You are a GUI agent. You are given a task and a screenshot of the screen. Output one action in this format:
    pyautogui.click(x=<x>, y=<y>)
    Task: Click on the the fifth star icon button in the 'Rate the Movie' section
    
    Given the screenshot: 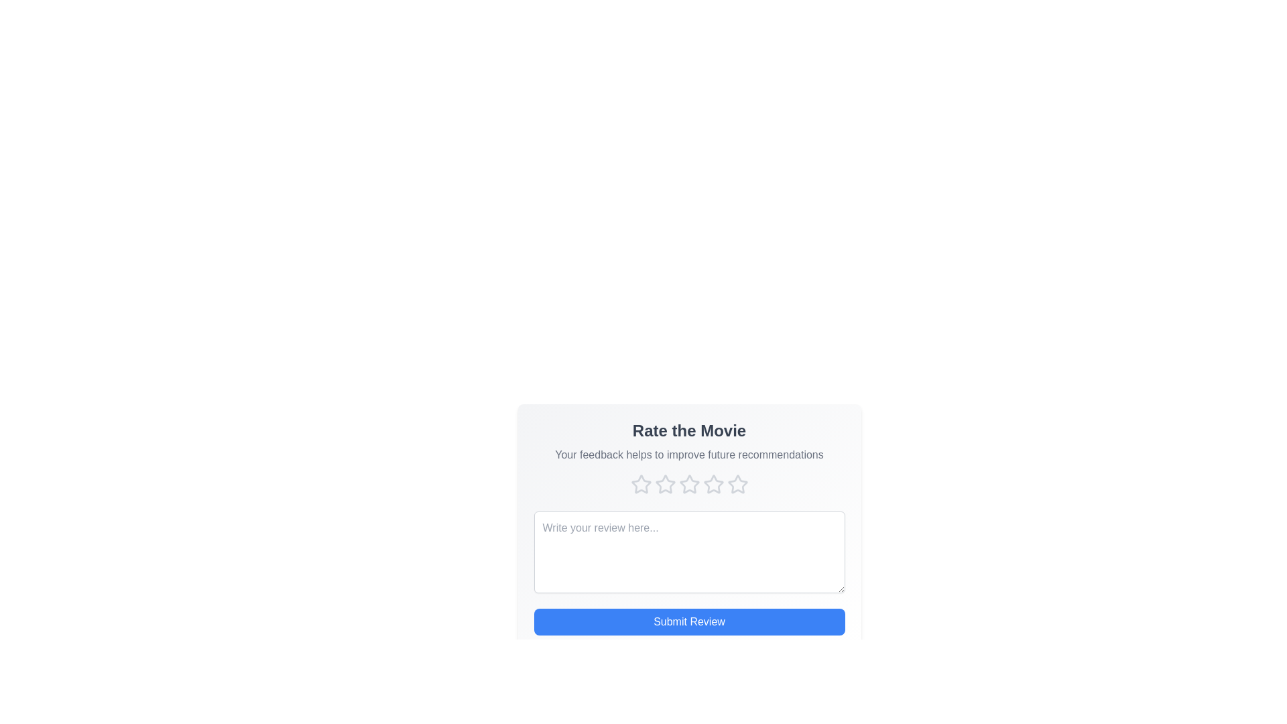 What is the action you would take?
    pyautogui.click(x=737, y=484)
    